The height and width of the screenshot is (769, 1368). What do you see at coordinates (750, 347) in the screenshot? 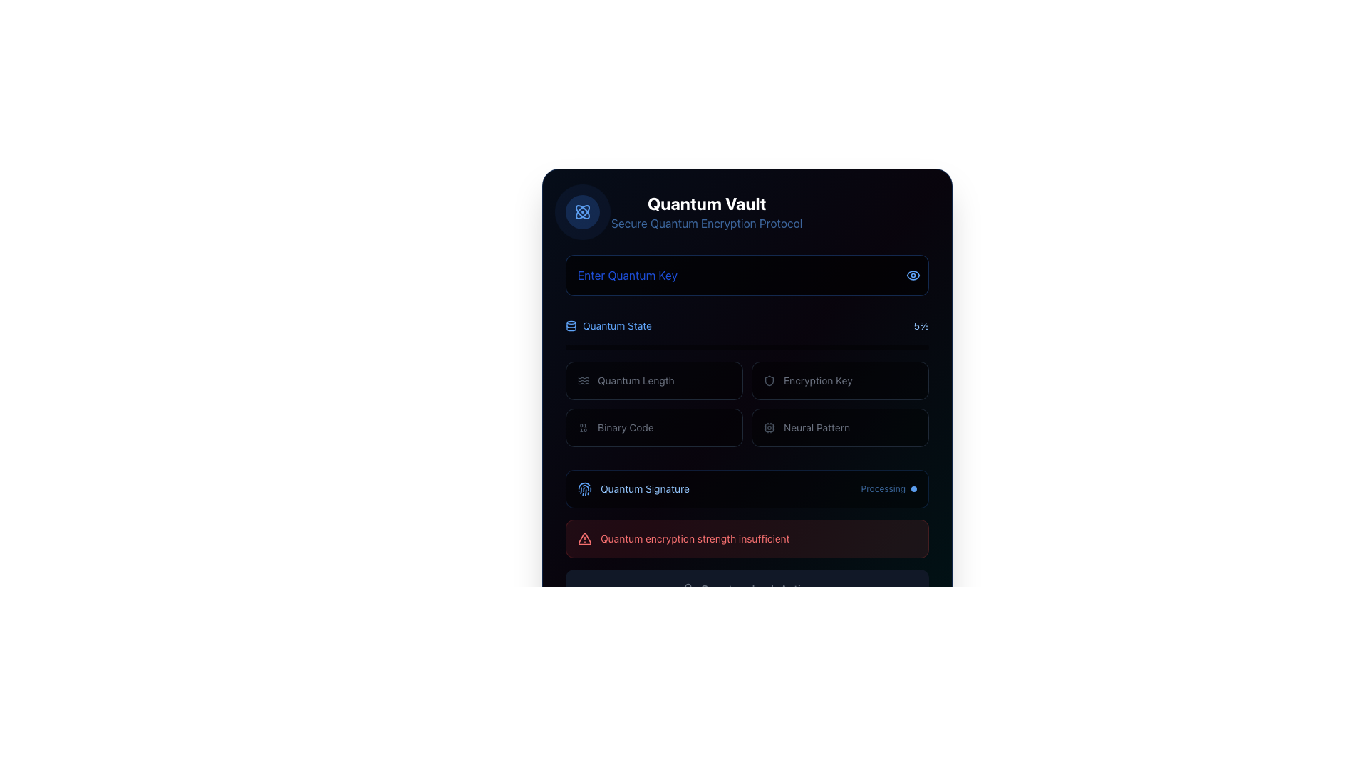
I see `the Quantum State slider` at bounding box center [750, 347].